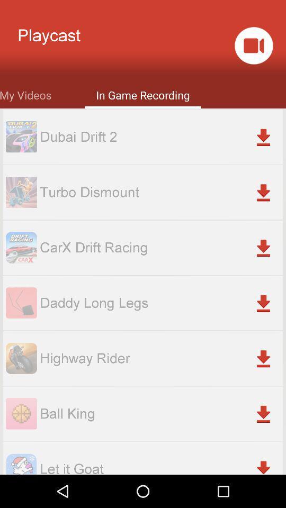 The image size is (286, 508). Describe the element at coordinates (160, 358) in the screenshot. I see `the highway rider icon` at that location.